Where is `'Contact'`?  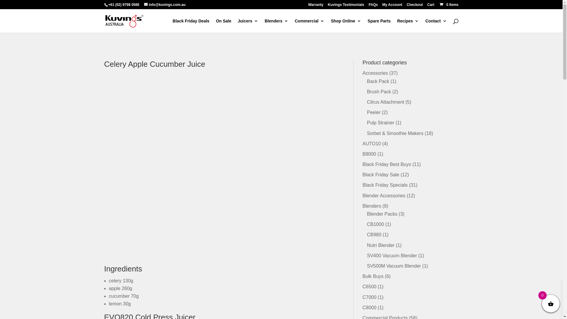
'Contact' is located at coordinates (436, 25).